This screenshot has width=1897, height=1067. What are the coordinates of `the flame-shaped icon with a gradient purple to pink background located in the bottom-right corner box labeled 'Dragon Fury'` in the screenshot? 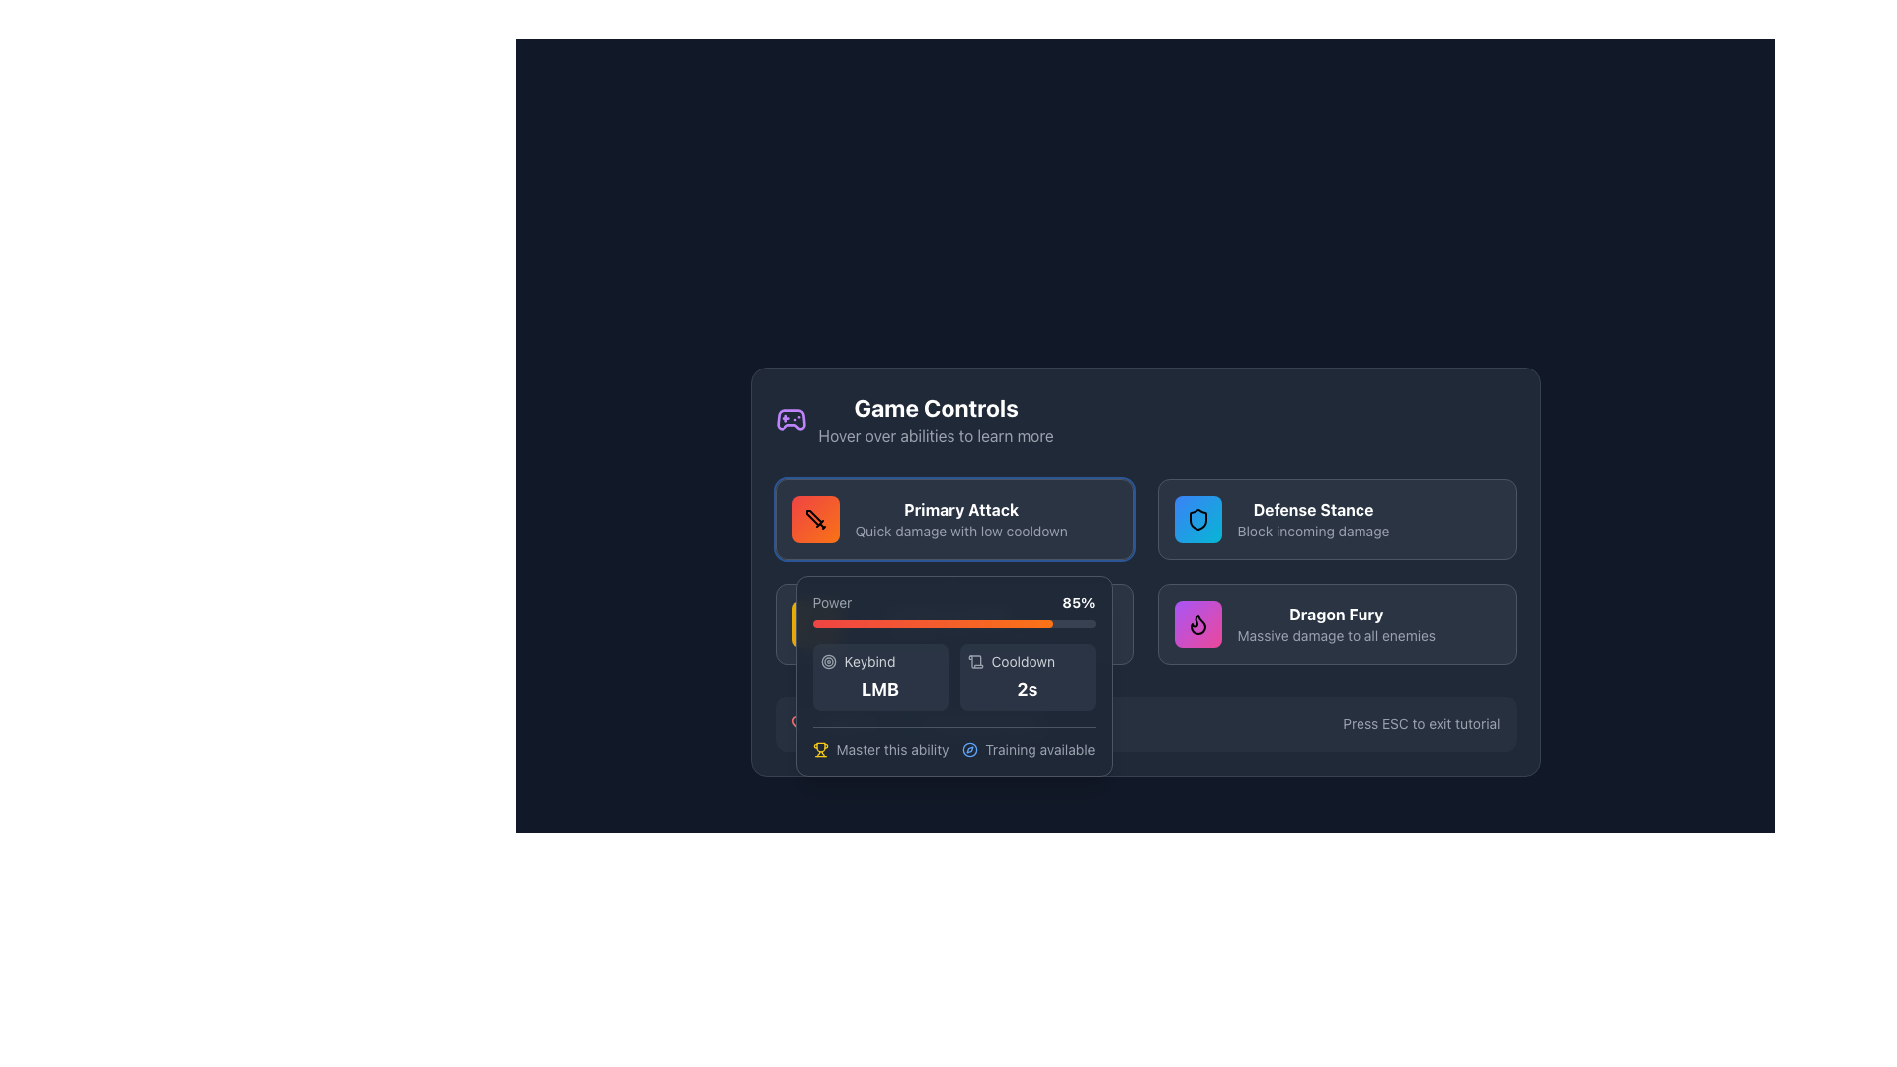 It's located at (1196, 624).